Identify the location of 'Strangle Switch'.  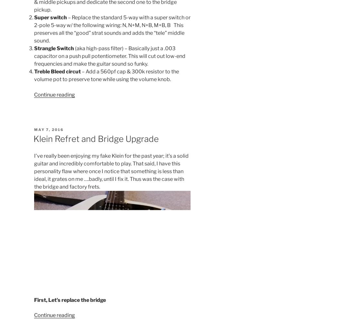
(53, 48).